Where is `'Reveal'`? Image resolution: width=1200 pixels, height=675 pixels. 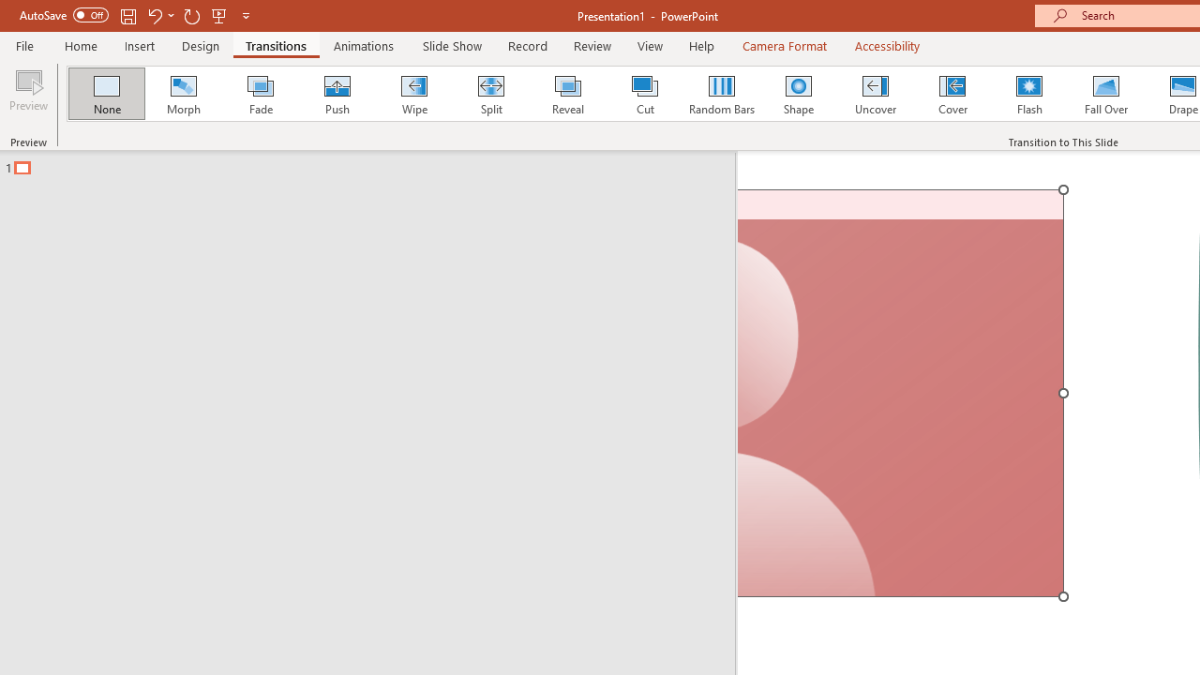
'Reveal' is located at coordinates (566, 94).